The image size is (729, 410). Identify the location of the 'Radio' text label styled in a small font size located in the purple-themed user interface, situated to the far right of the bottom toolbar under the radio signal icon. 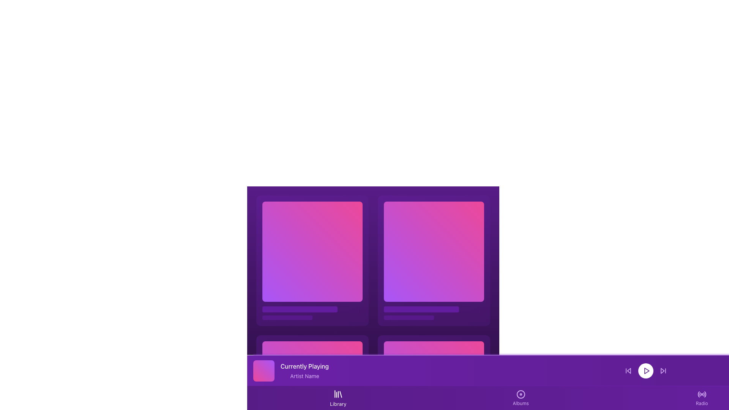
(701, 403).